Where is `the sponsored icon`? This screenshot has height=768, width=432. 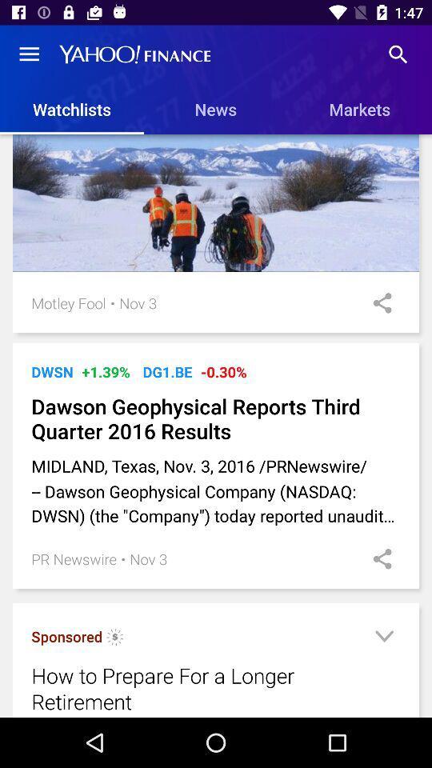 the sponsored icon is located at coordinates (66, 636).